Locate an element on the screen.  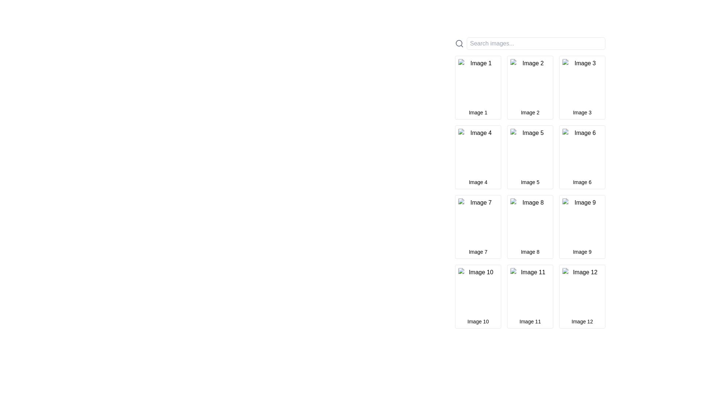
the image placeholder component labeled 'Image 2', which is styled with rounded corners and located as the second item from the left in the top row of a grid of similar placeholders is located at coordinates (530, 82).